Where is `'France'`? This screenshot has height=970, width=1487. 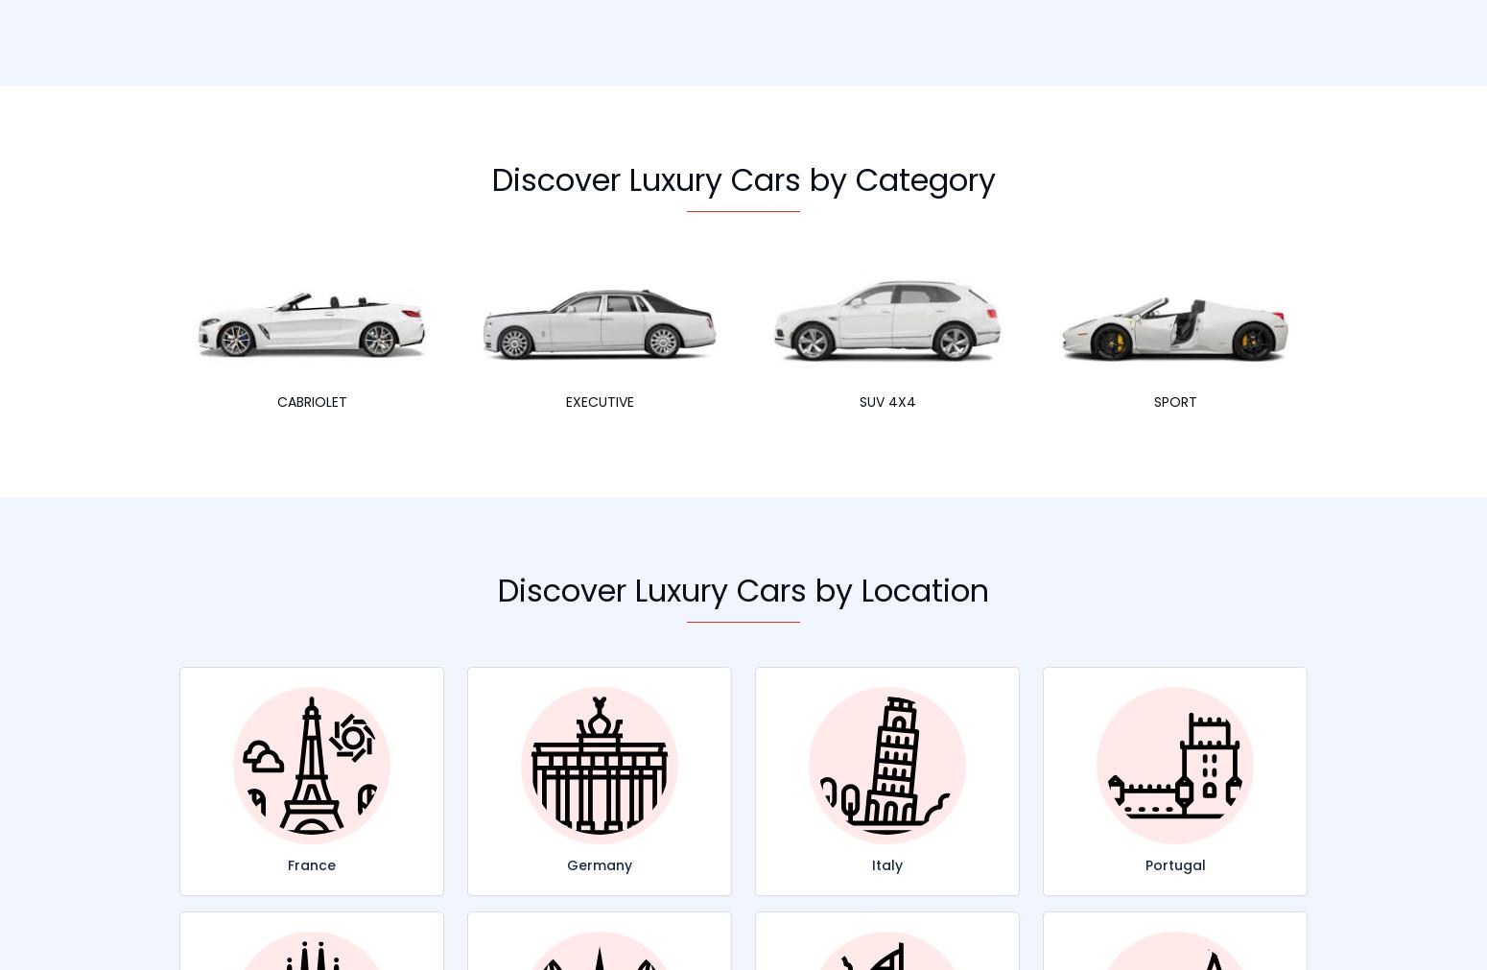 'France' is located at coordinates (287, 864).